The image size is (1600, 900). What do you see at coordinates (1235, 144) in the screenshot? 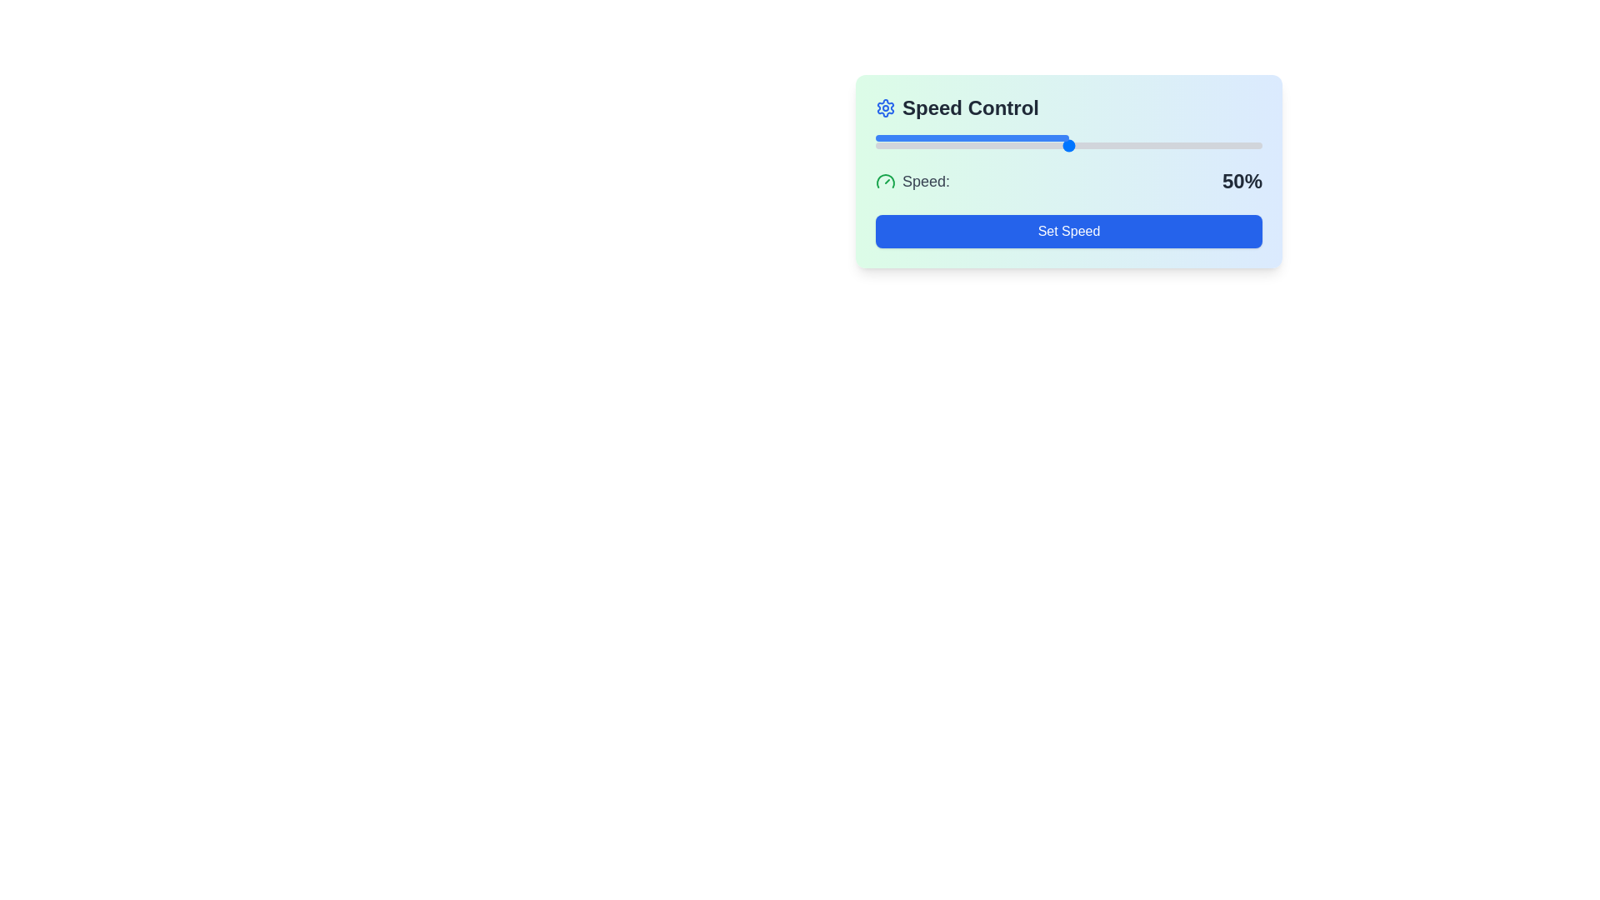
I see `the slider` at bounding box center [1235, 144].